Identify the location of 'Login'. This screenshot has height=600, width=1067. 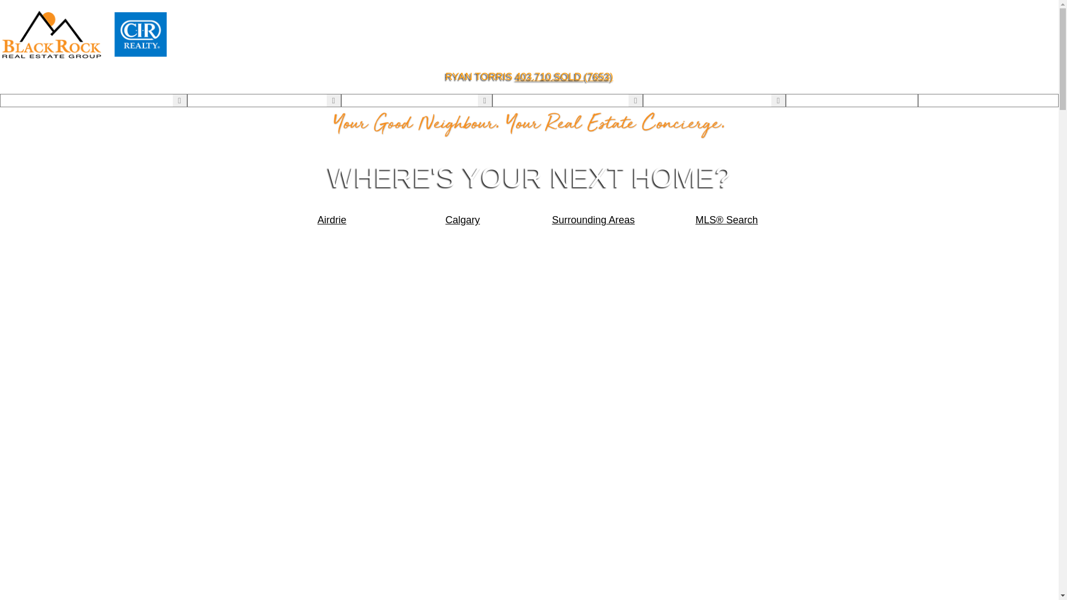
(851, 101).